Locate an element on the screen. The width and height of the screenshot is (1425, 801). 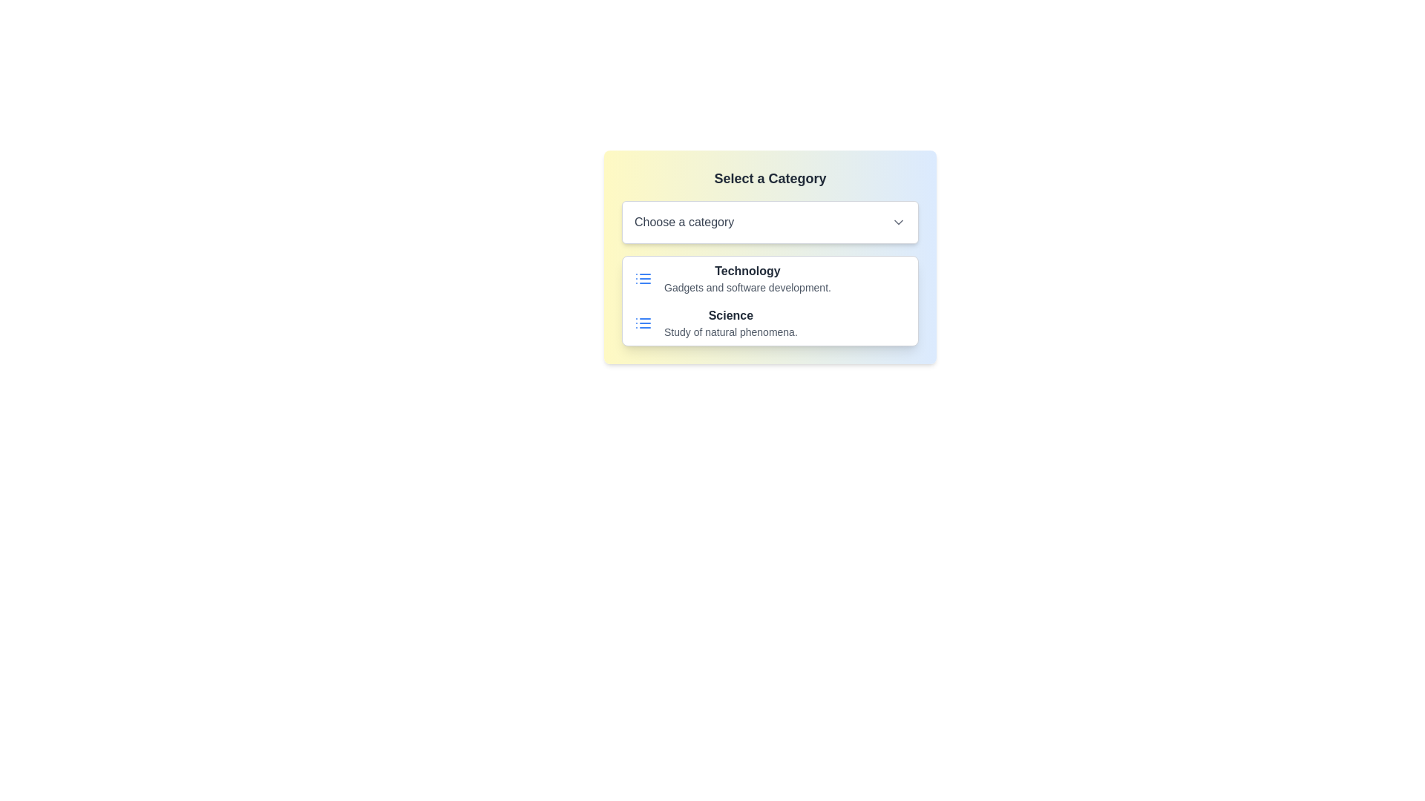
the List Item containing the bold title 'Science' and the description 'Study of natural phenomena.' is located at coordinates (770, 322).